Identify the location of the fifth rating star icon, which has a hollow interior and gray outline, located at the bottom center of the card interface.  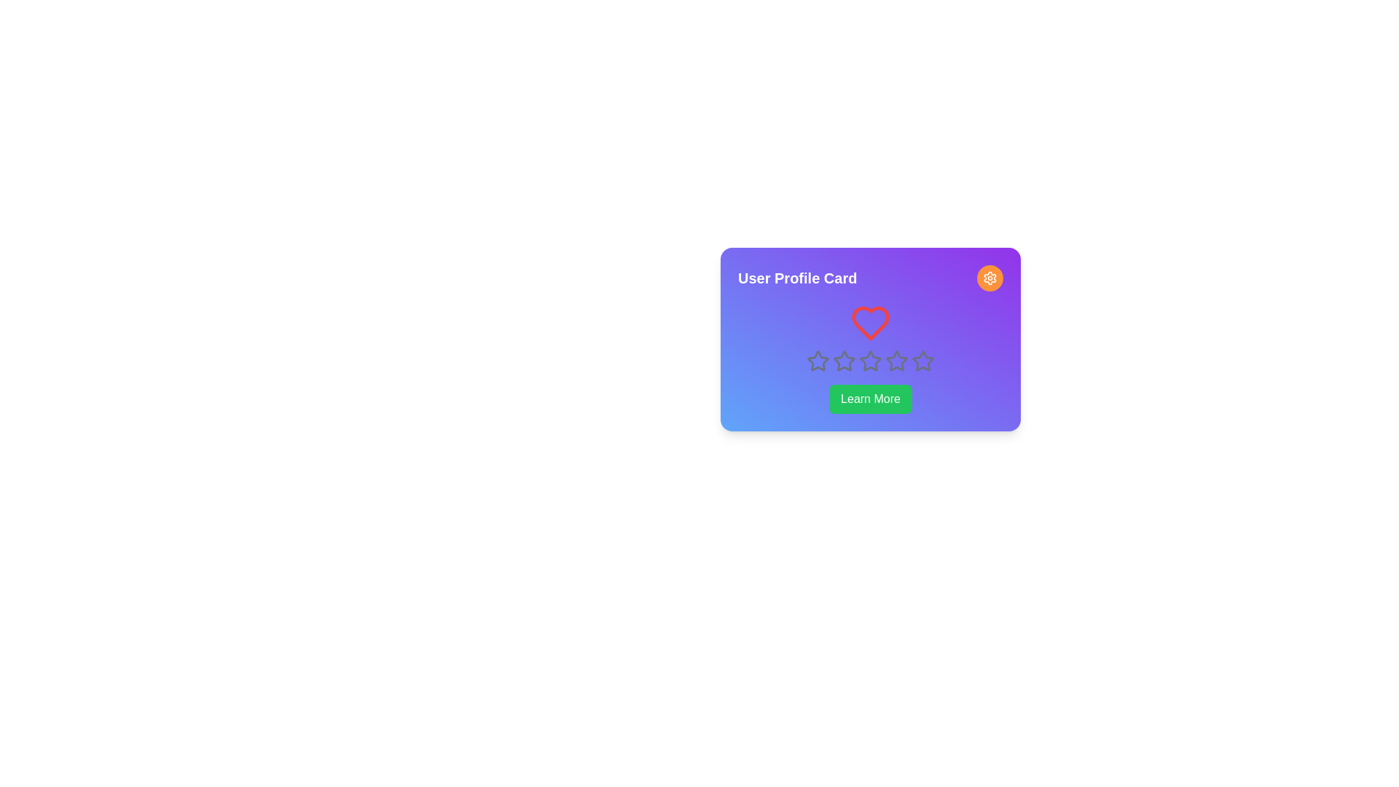
(896, 361).